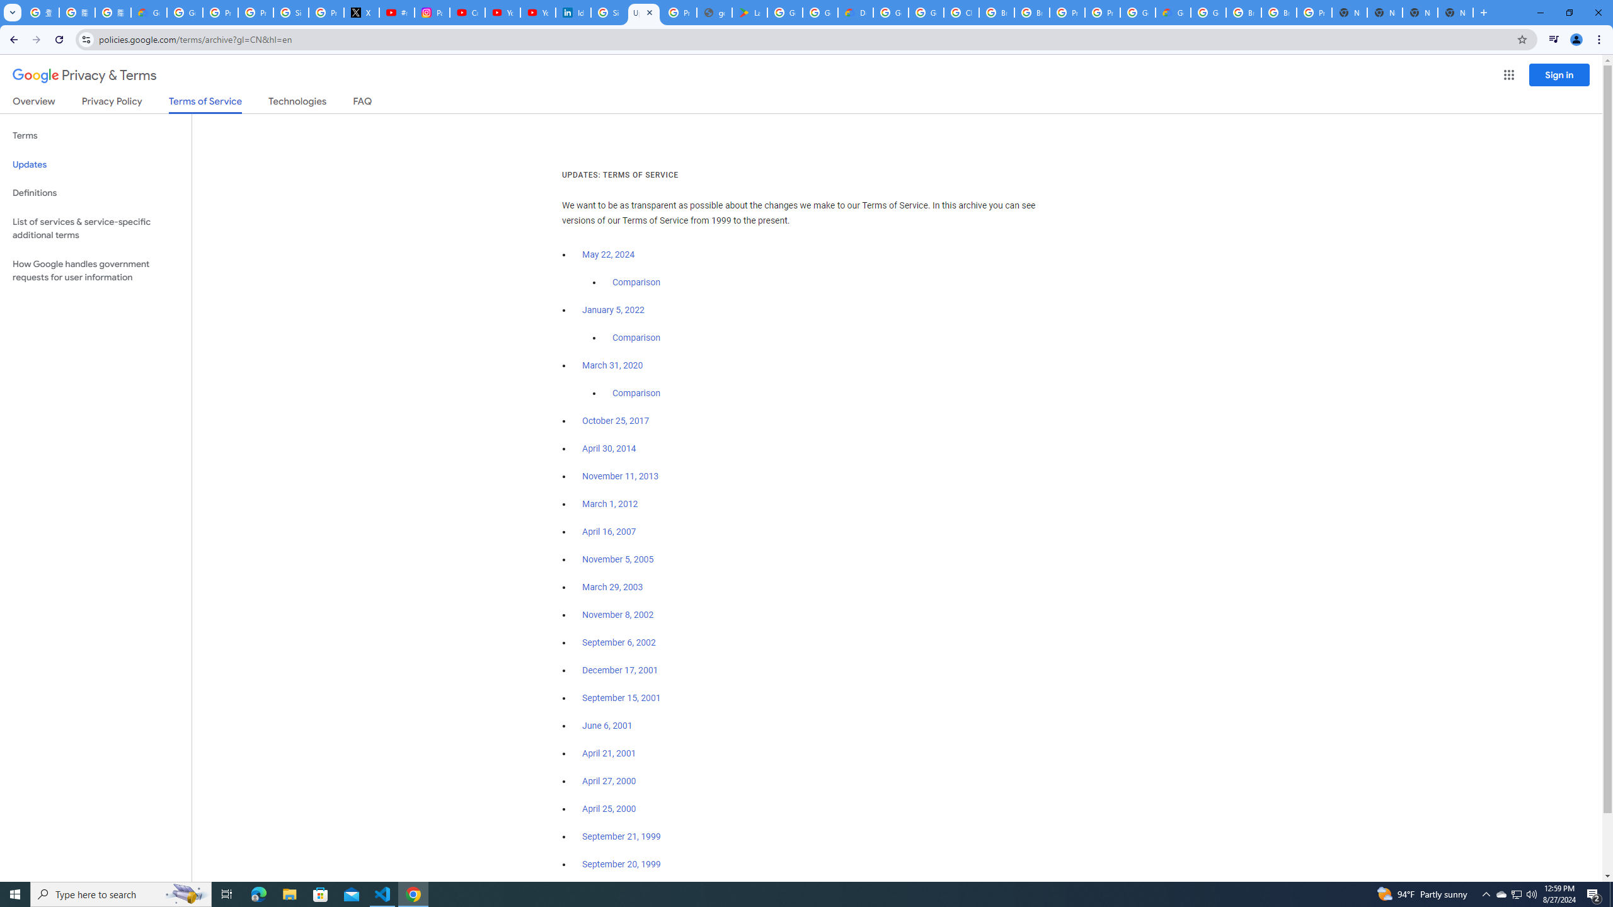  I want to click on 'Comparison', so click(635, 393).